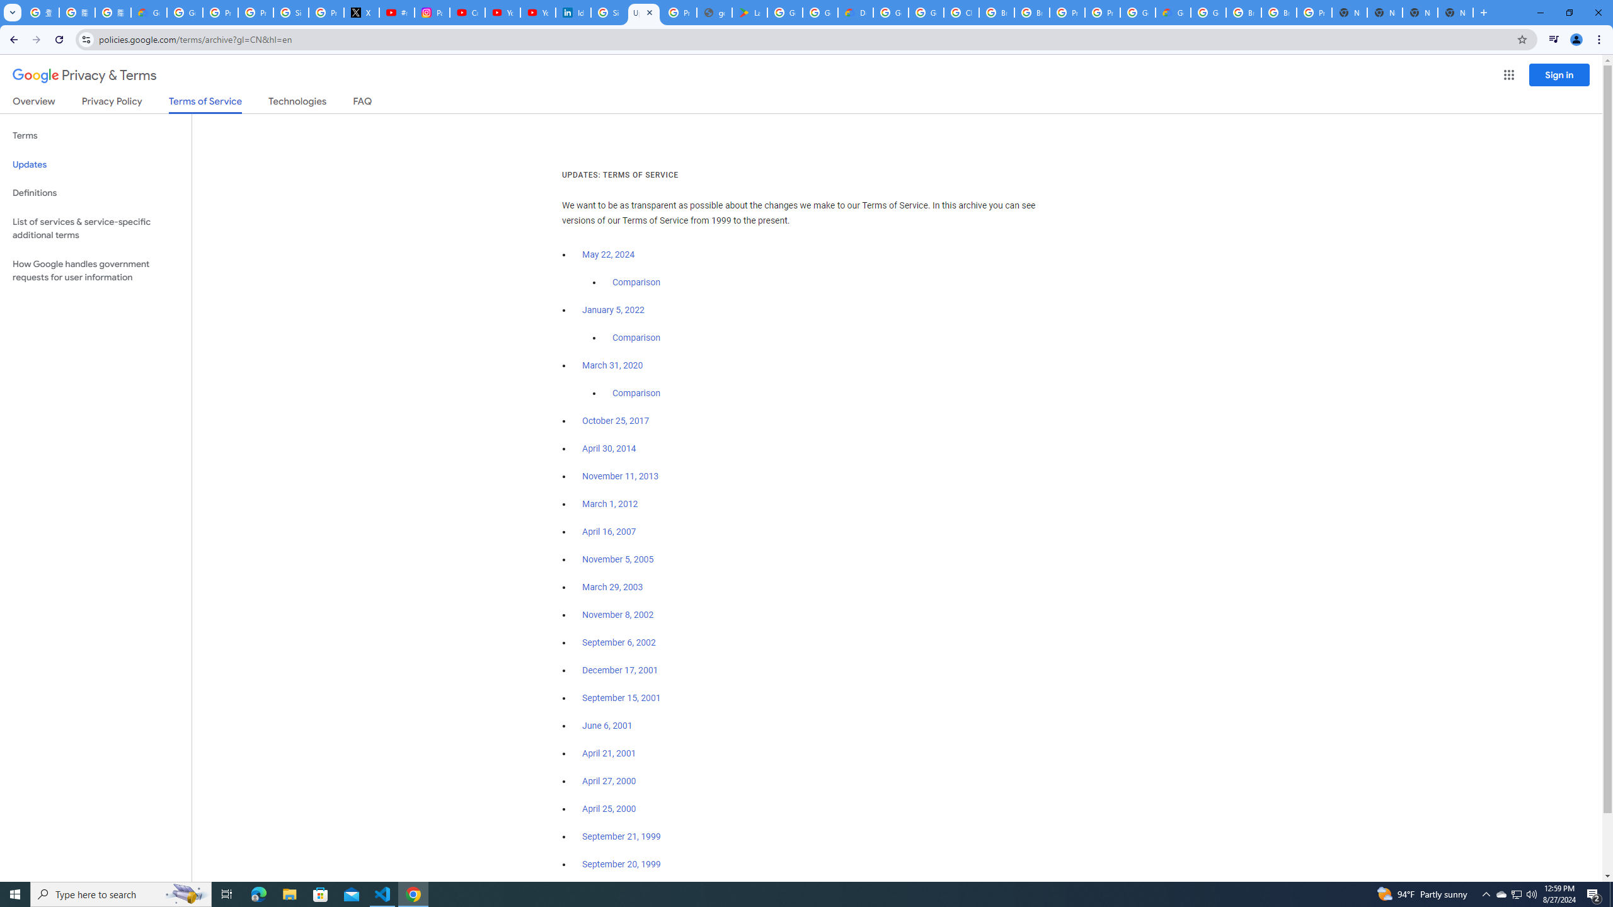  I want to click on 'Comparison', so click(635, 393).